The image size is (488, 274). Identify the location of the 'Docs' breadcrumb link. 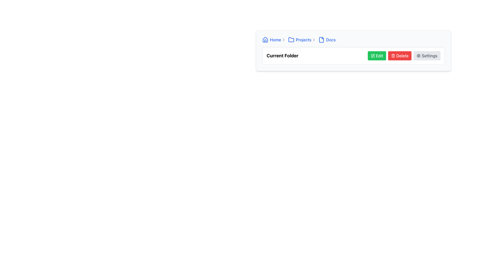
(327, 40).